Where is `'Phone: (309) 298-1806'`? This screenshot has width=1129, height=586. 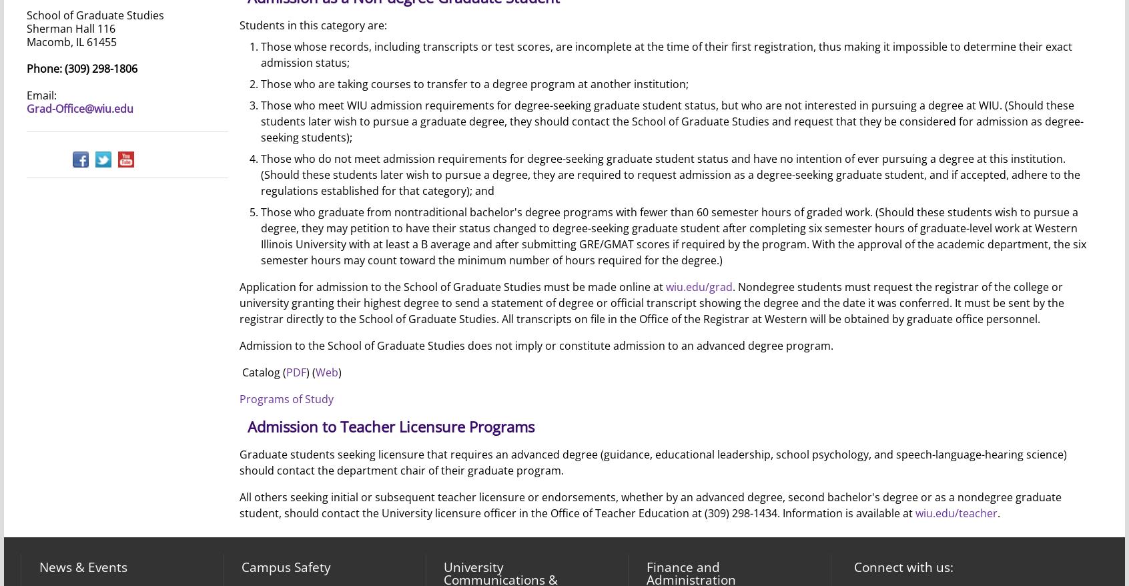 'Phone: (309) 298-1806' is located at coordinates (81, 67).